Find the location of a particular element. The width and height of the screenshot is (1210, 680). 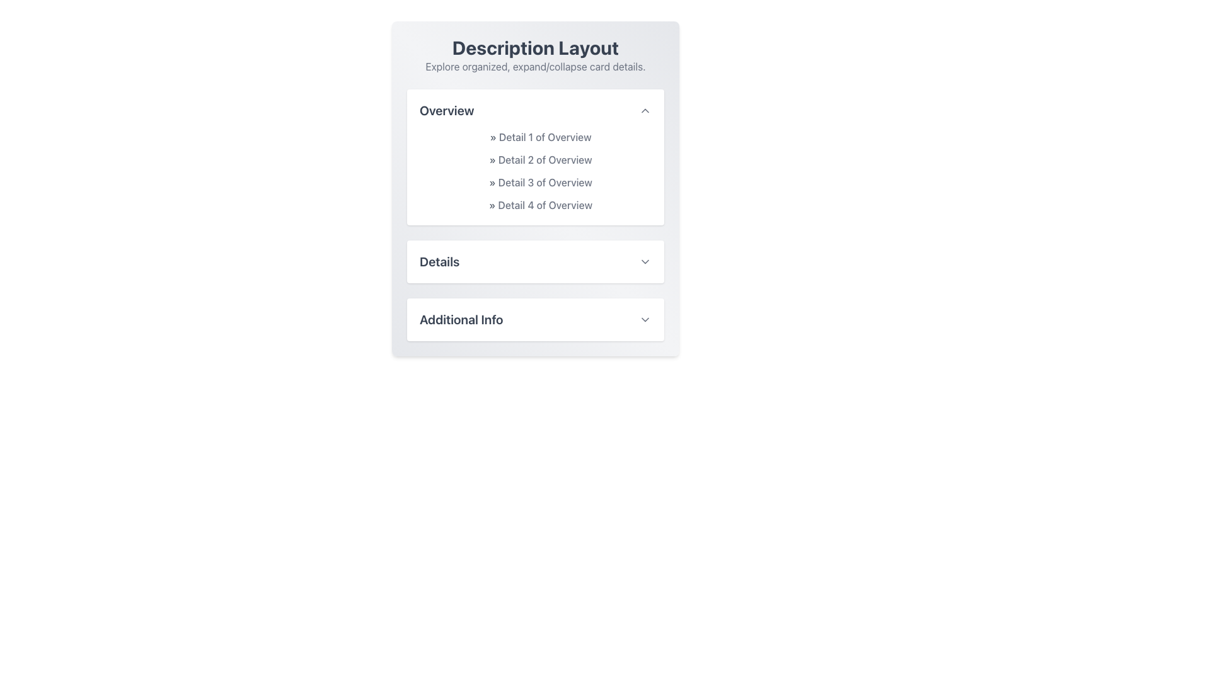

the 'Overview' text label, which is styled in a bold font and grayish-blue color, located in the upper section of the 'Description Layout' panel is located at coordinates (447, 110).